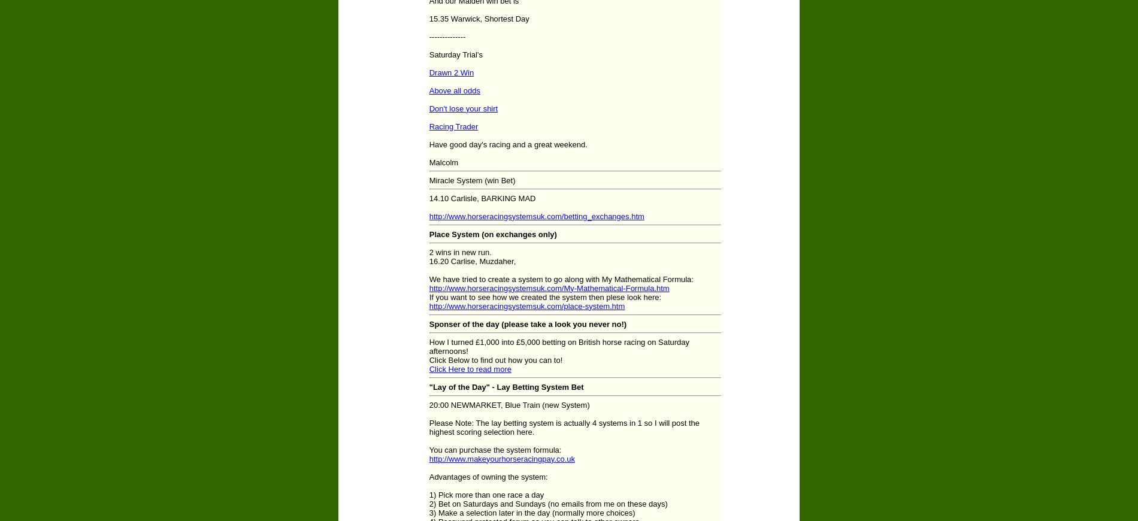 This screenshot has width=1138, height=521. What do you see at coordinates (547, 503) in the screenshot?
I see `'2) Bet on Saturdays and Sundays (no emails from me on these days)'` at bounding box center [547, 503].